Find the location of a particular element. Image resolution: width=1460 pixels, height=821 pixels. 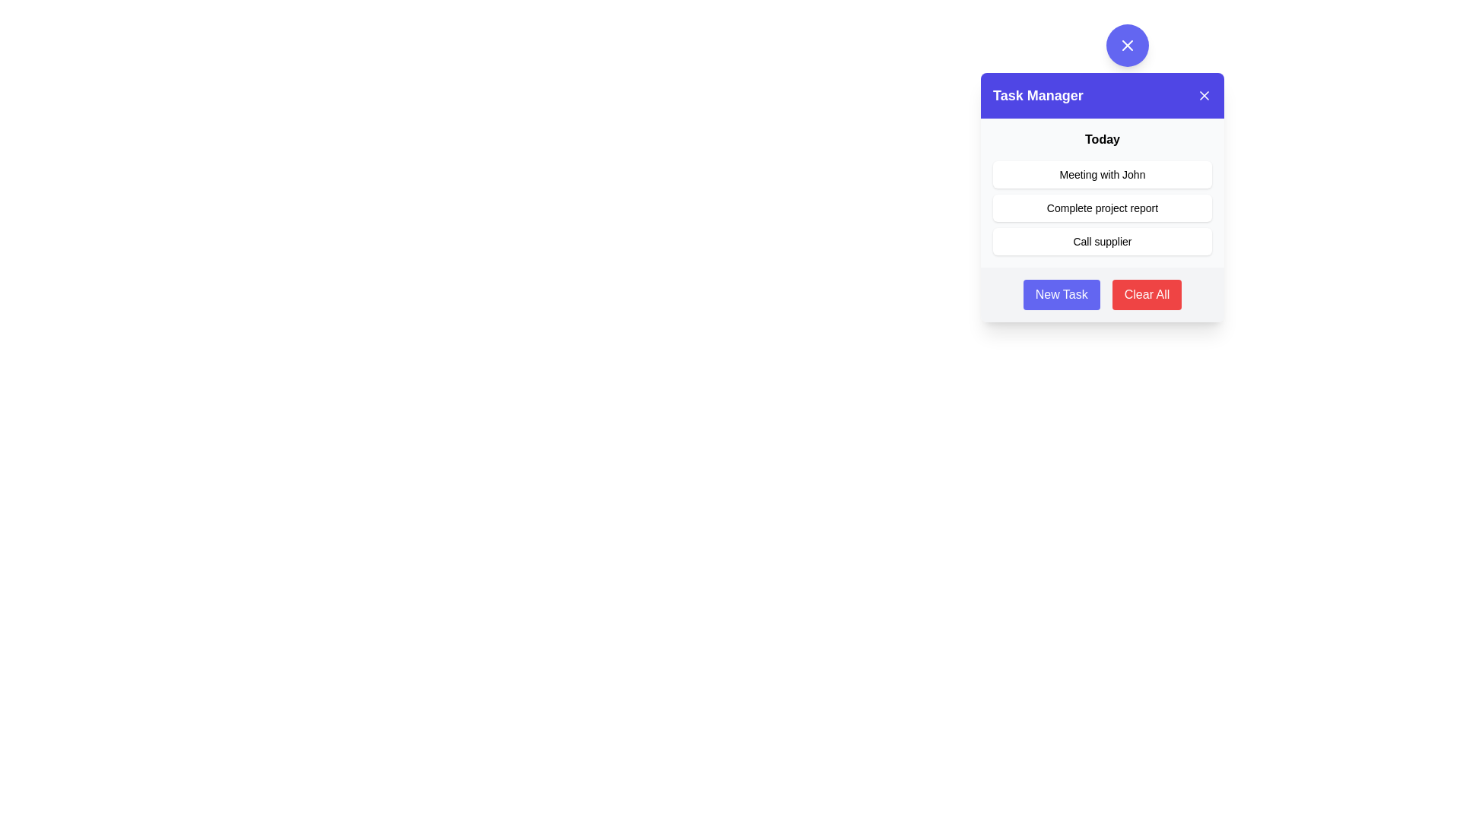

text label displaying 'Meeting with John' which is the first item in the task list under the 'Today' heading inside the 'Task Manager' popup is located at coordinates (1102, 174).